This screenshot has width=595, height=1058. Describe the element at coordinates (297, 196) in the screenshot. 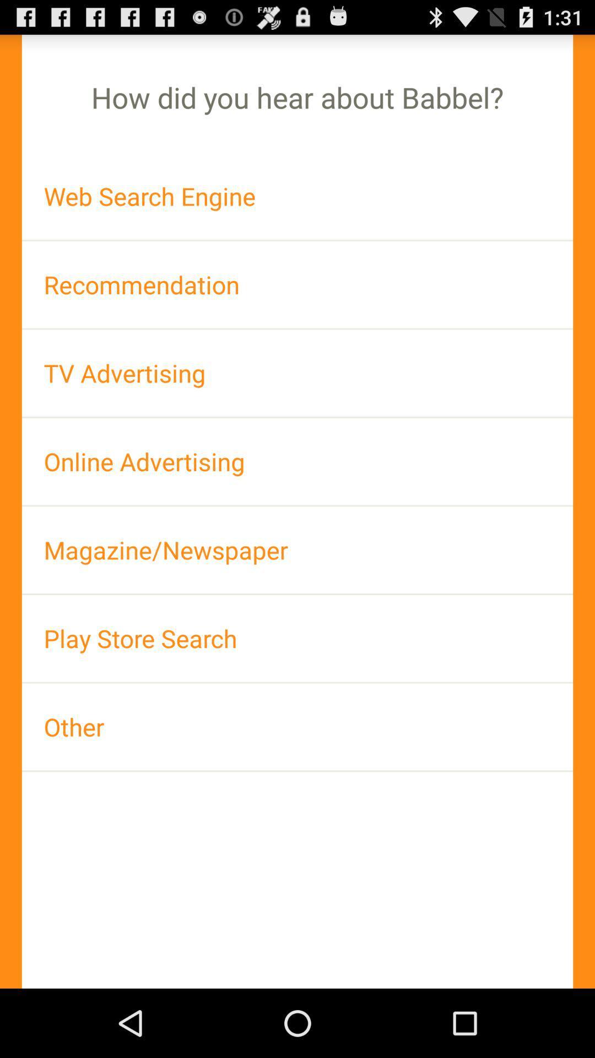

I see `web search engine icon` at that location.